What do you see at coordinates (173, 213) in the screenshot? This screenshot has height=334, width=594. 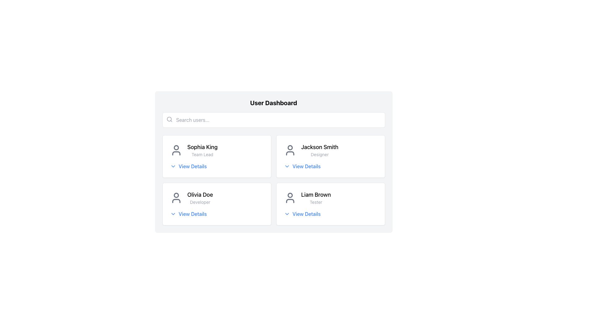 I see `the icon indicating expand/collapse details related to 'Olivia Doe' located within the 'View Details' text link` at bounding box center [173, 213].